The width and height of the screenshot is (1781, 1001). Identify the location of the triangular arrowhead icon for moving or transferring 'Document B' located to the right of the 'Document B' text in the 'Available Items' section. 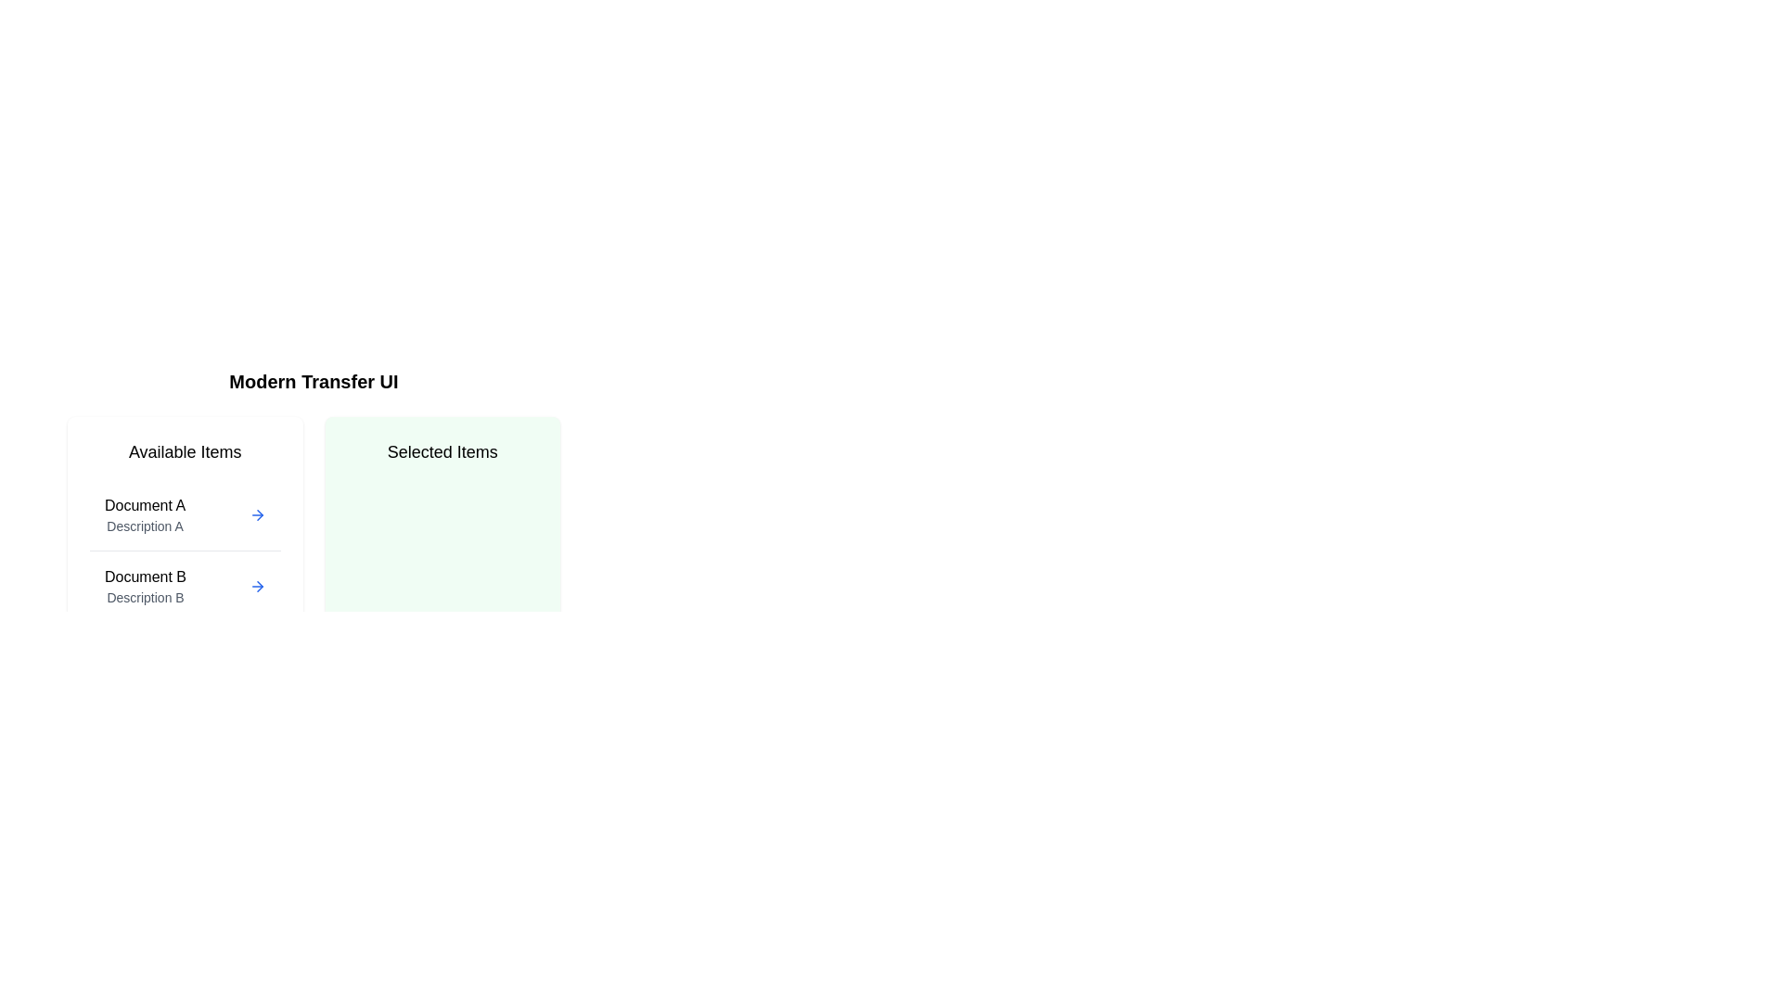
(259, 514).